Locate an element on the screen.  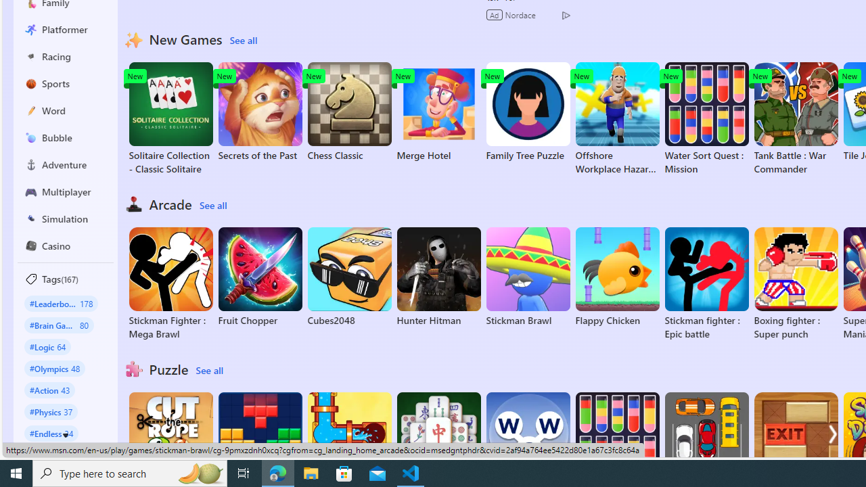
'Cubes2048' is located at coordinates (349, 277).